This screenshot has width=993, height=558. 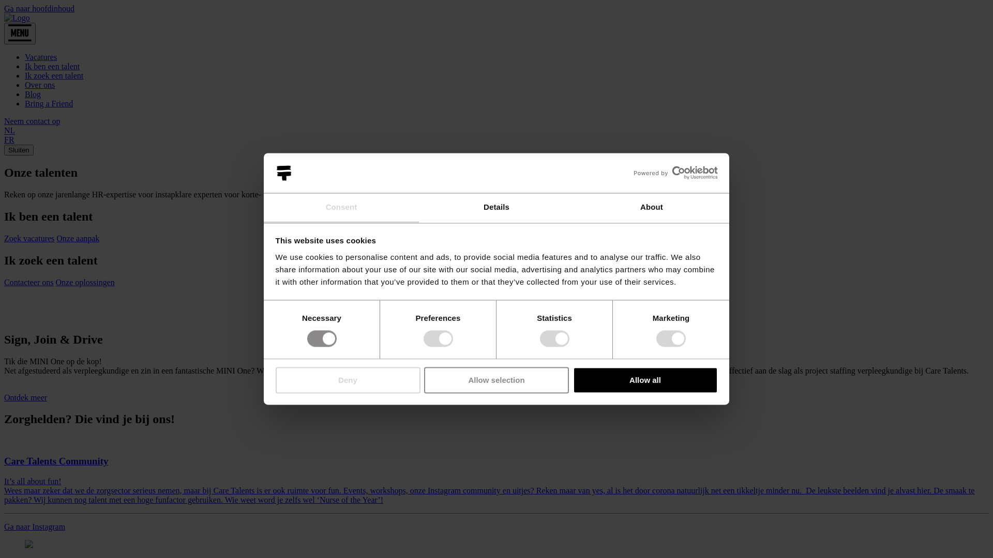 I want to click on 'FR', so click(x=9, y=139).